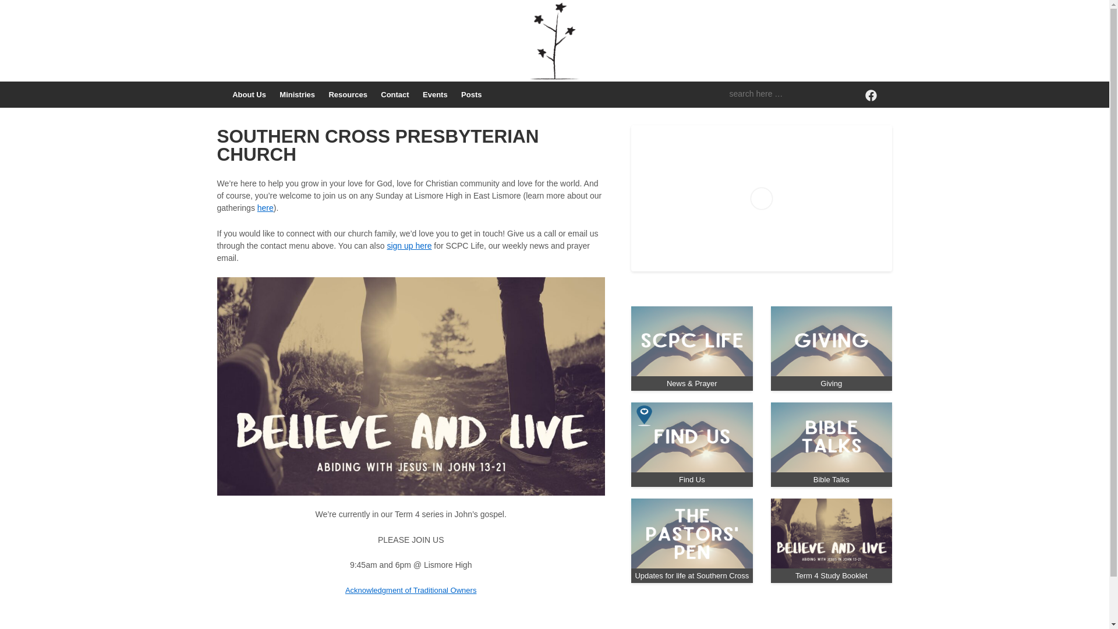  Describe the element at coordinates (411, 590) in the screenshot. I see `'Acknowledgment of Traditional Owners'` at that location.